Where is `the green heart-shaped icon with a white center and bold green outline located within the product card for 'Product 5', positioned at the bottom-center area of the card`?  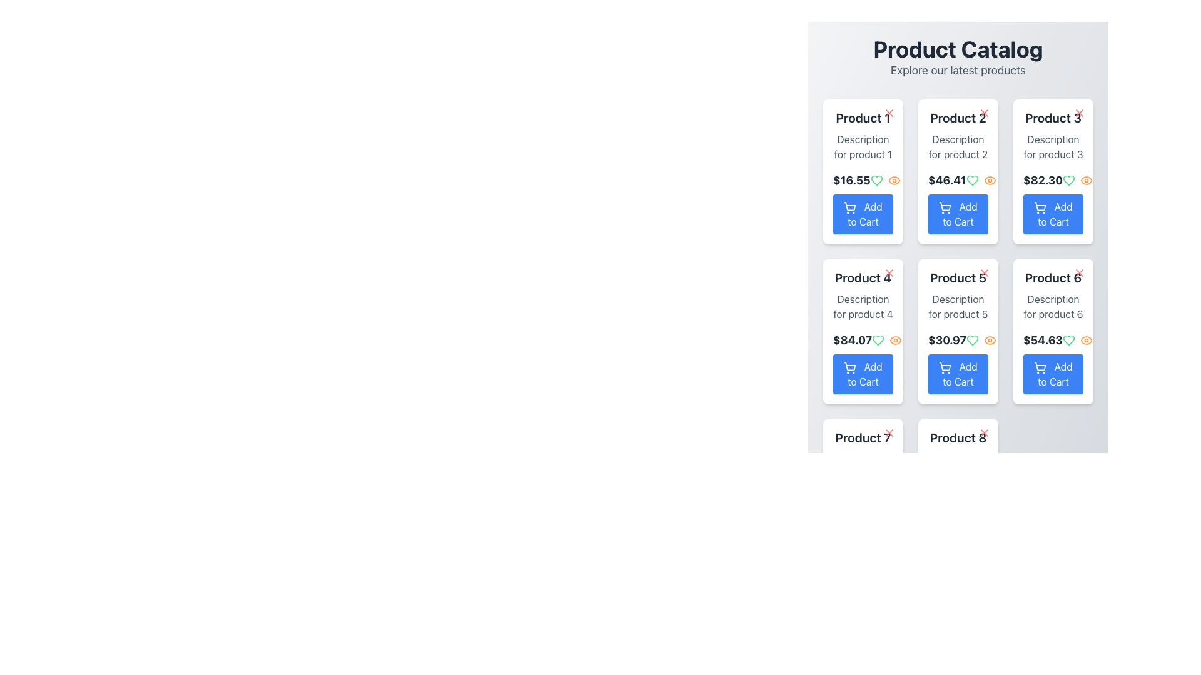
the green heart-shaped icon with a white center and bold green outline located within the product card for 'Product 5', positioned at the bottom-center area of the card is located at coordinates (876, 181).